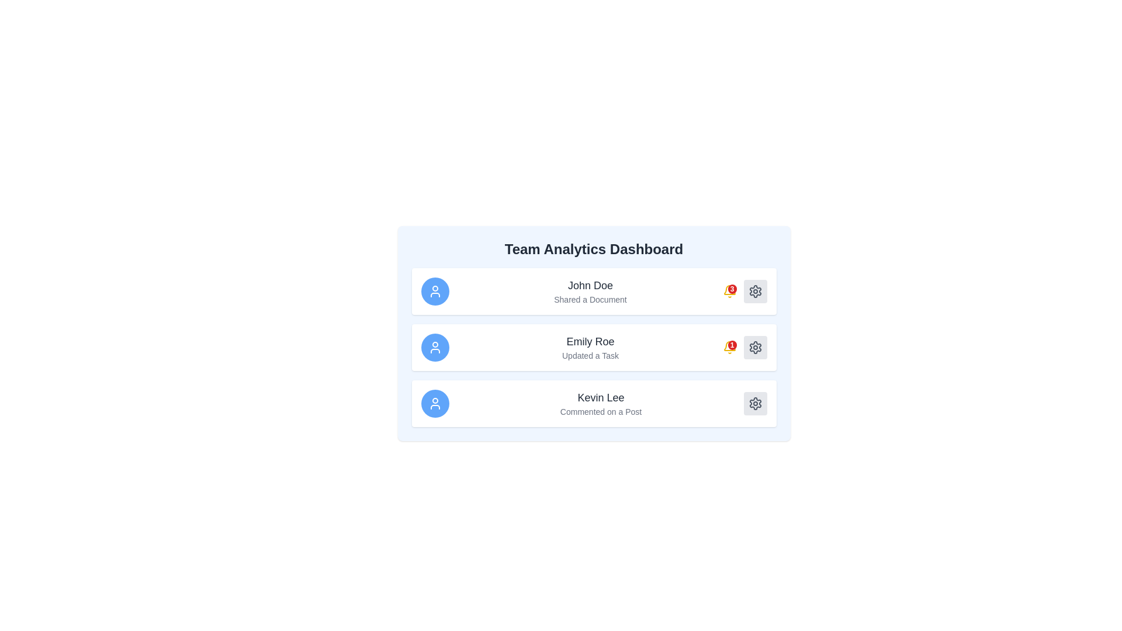 Image resolution: width=1122 pixels, height=631 pixels. I want to click on the settings button, which is a small, rounded cogwheel icon styled in gray, located to the right of the list item labeled 'Kevin Lee Commented on a Post.', so click(755, 403).